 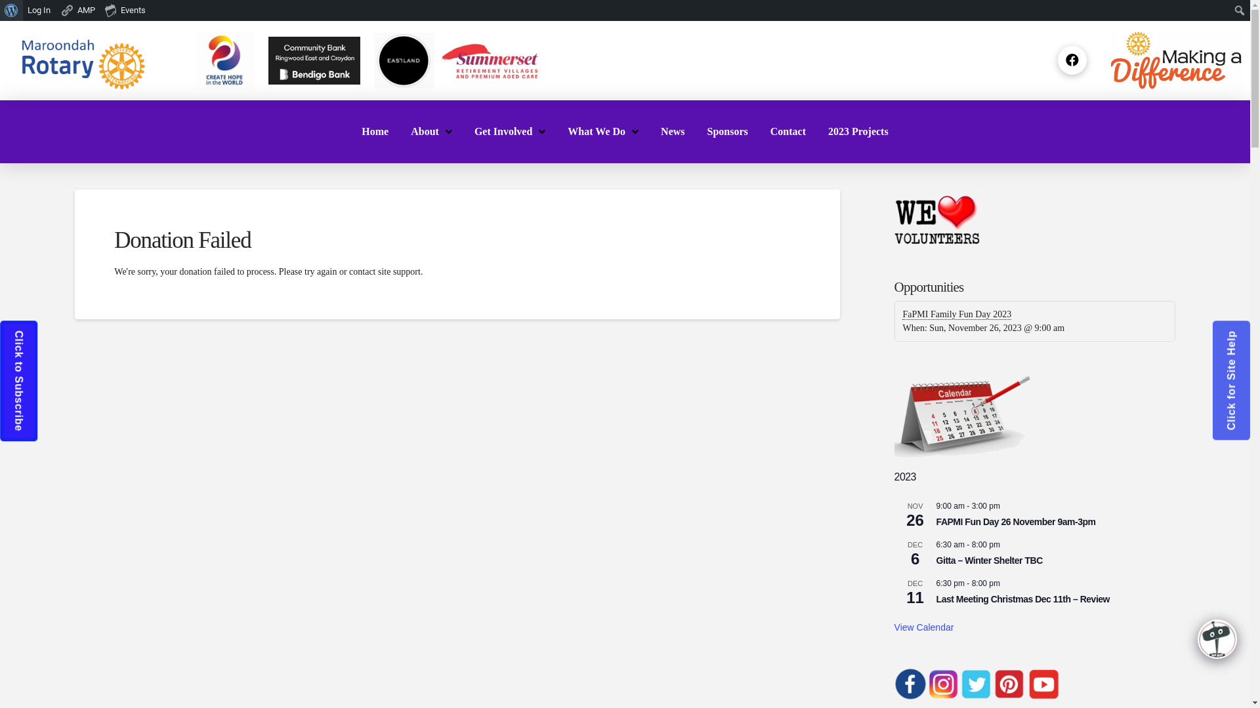 I want to click on 'Log In', so click(x=39, y=10).